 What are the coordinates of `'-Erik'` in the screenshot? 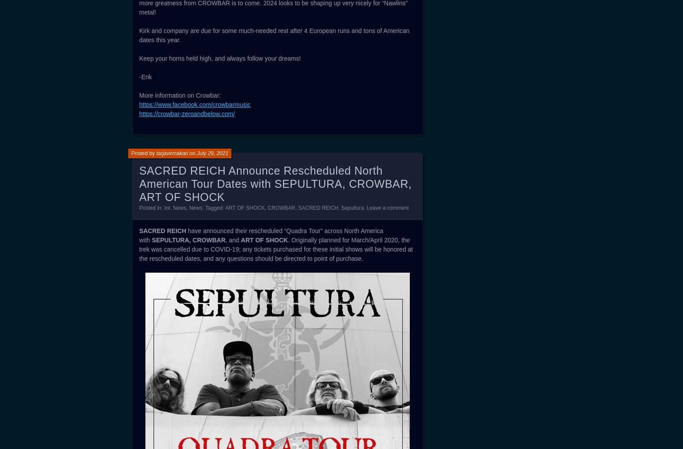 It's located at (139, 76).